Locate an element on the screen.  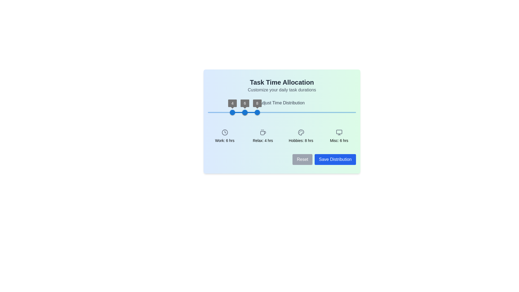
the slider is located at coordinates (253, 112).